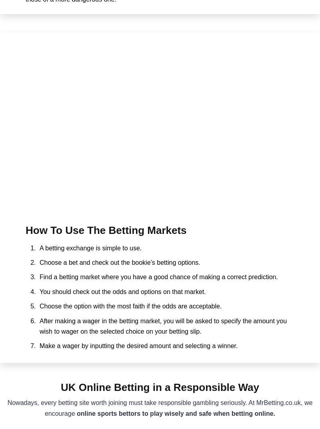 Image resolution: width=320 pixels, height=429 pixels. I want to click on 'UK Online Betting in a Responsible Way', so click(159, 387).